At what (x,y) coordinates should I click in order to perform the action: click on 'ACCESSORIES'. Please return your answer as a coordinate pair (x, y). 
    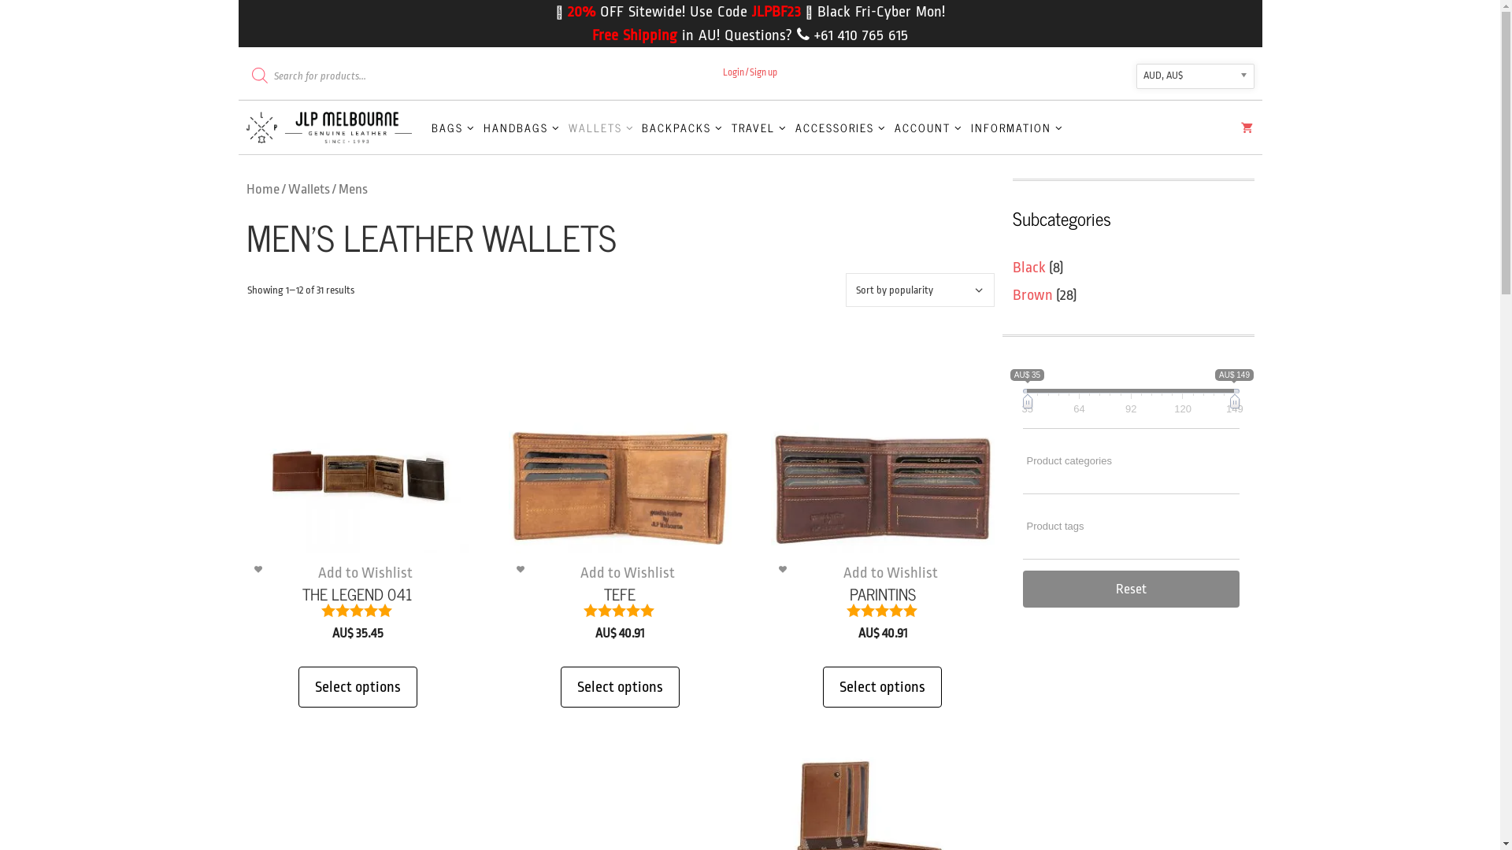
    Looking at the image, I should click on (840, 127).